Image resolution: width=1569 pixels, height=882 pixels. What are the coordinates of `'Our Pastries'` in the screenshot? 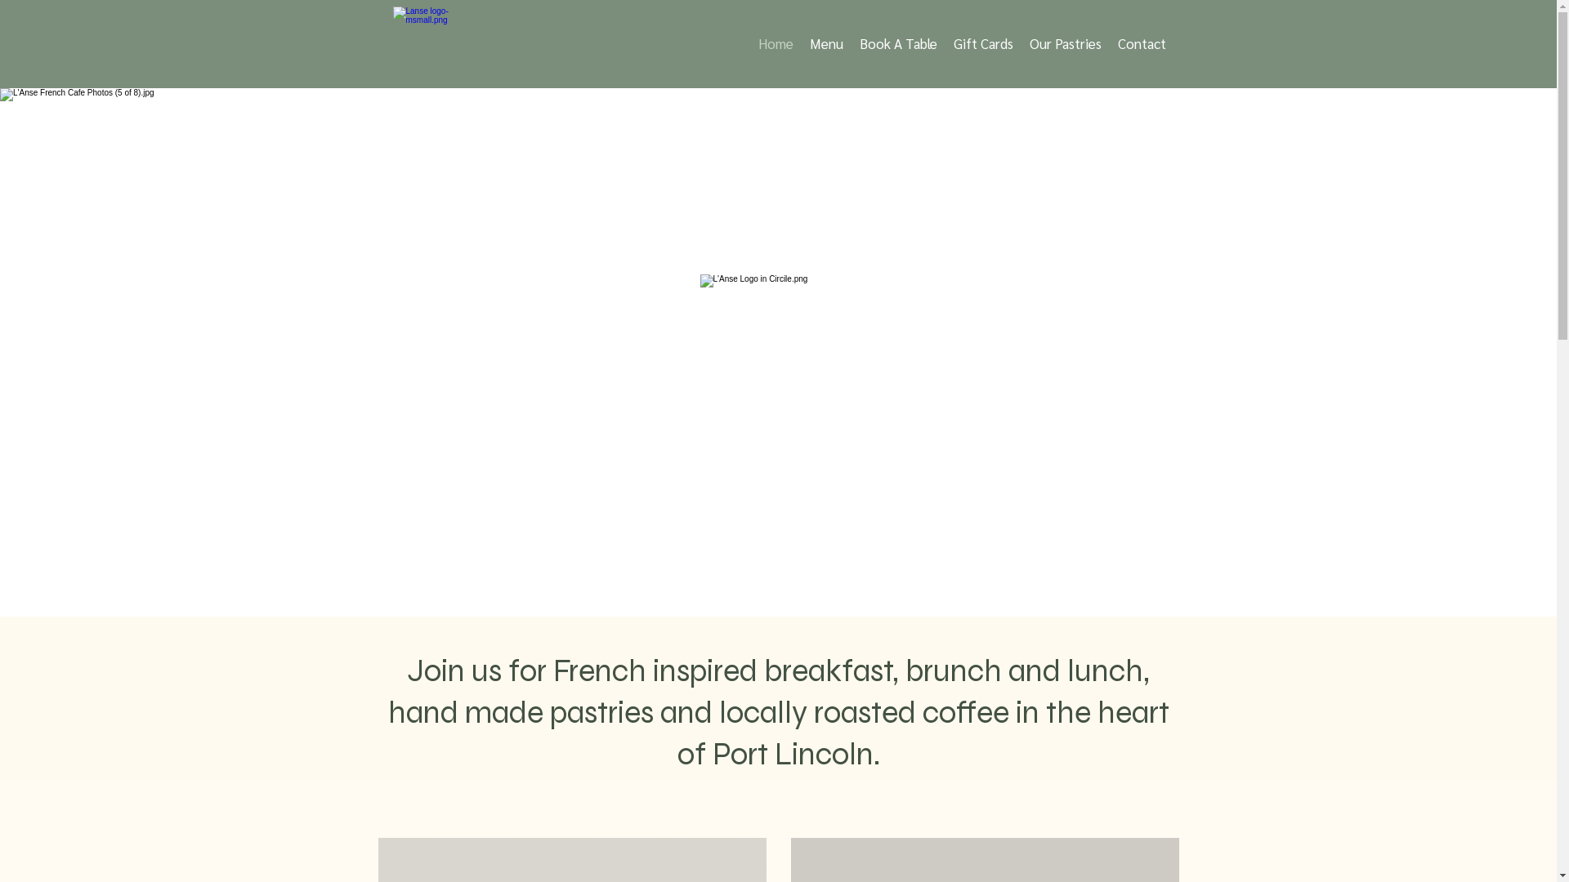 It's located at (1066, 42).